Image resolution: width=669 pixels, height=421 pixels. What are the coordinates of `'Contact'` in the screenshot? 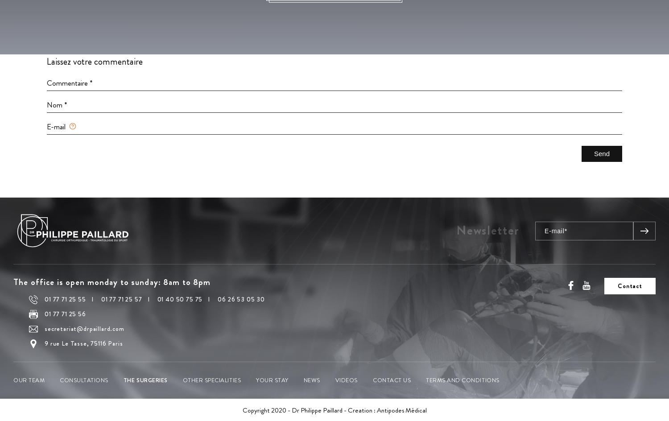 It's located at (630, 285).